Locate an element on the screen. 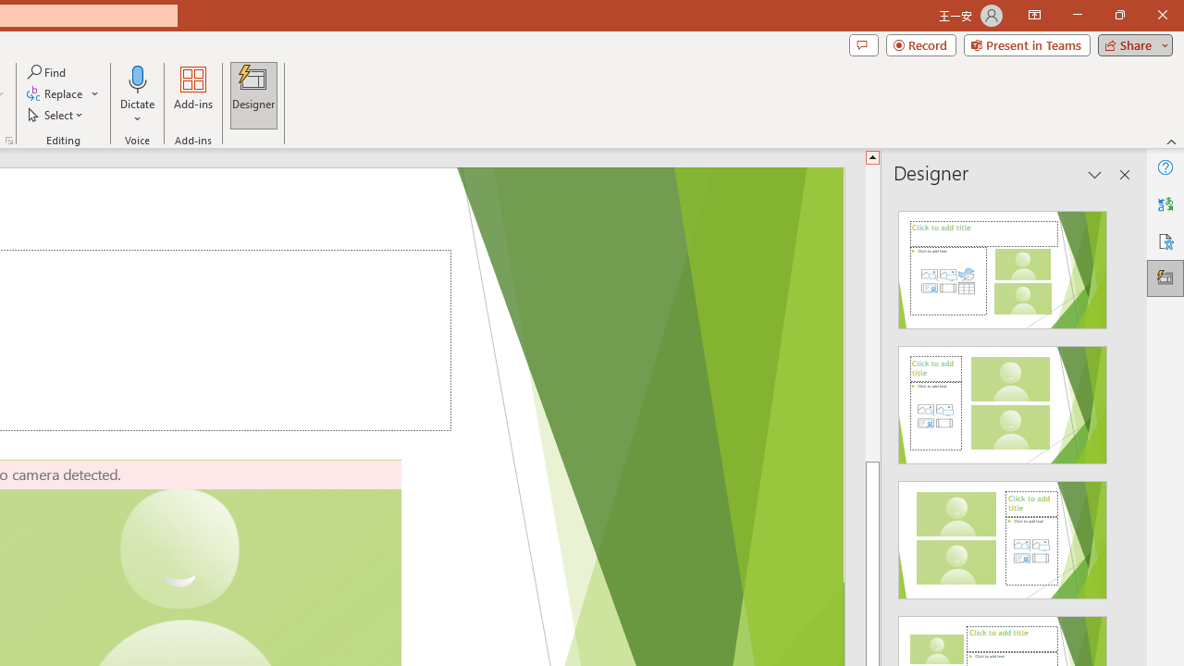 This screenshot has height=666, width=1184. 'Select' is located at coordinates (56, 115).